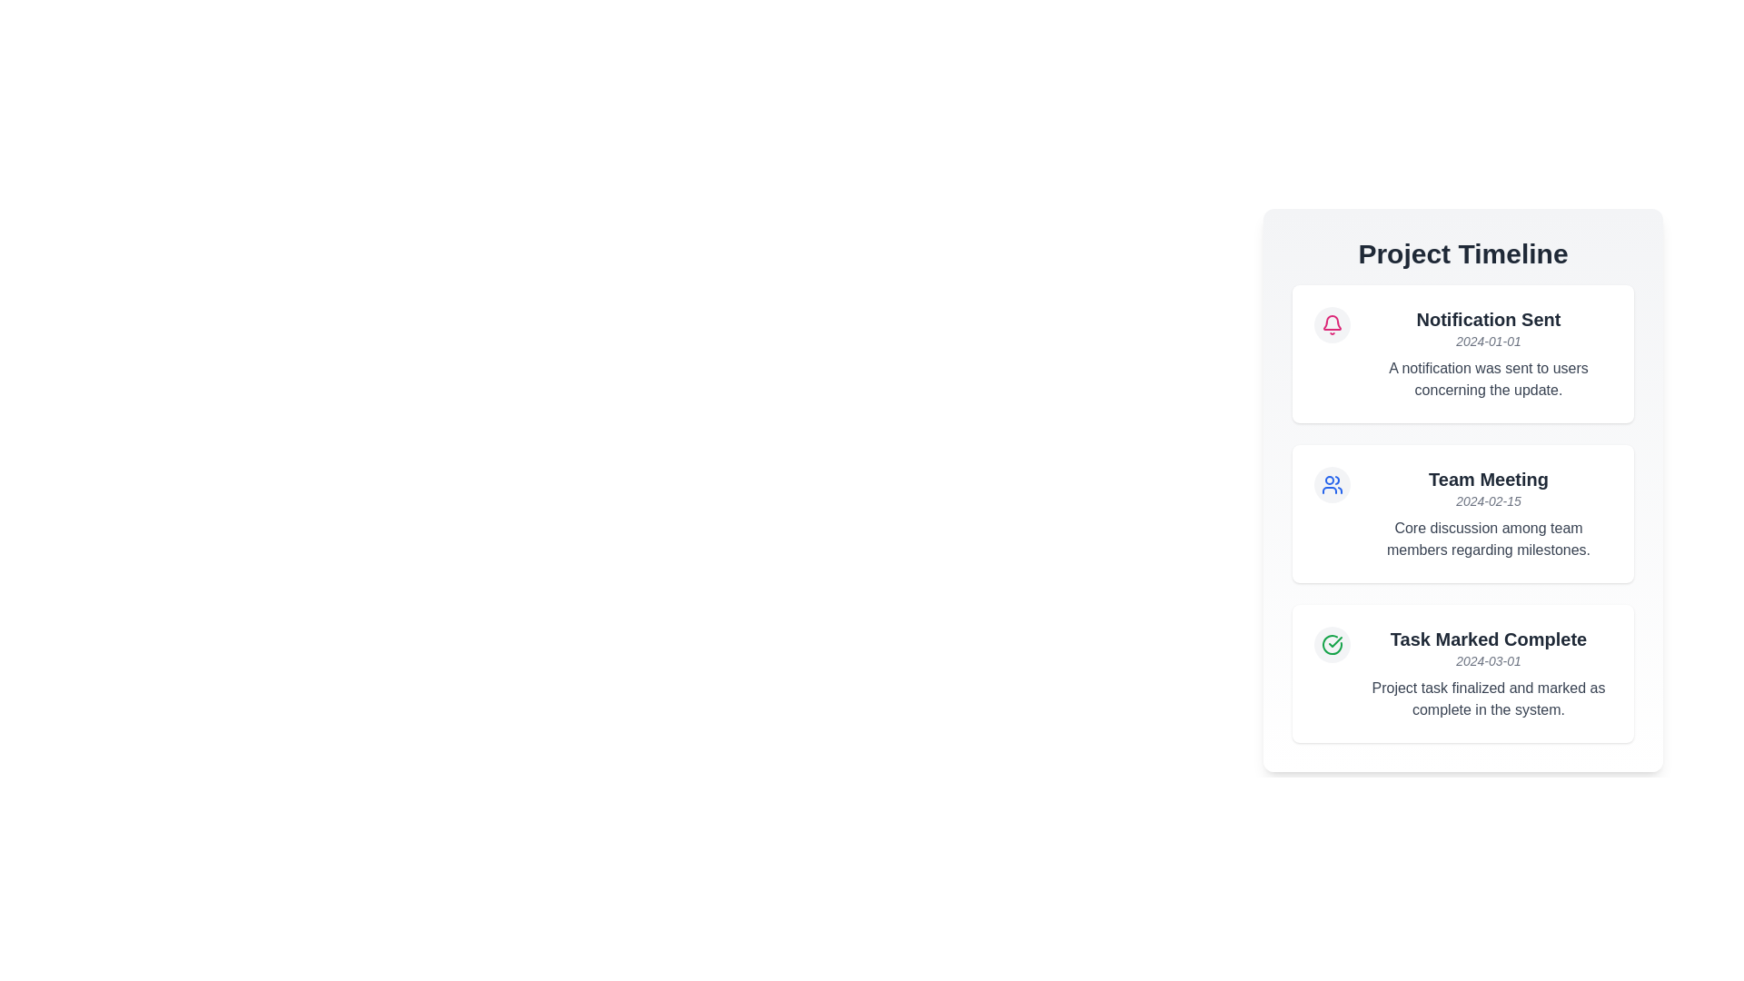 The height and width of the screenshot is (981, 1744). What do you see at coordinates (1463, 353) in the screenshot?
I see `notification details displayed in the first Notification card of the Project Timeline list` at bounding box center [1463, 353].